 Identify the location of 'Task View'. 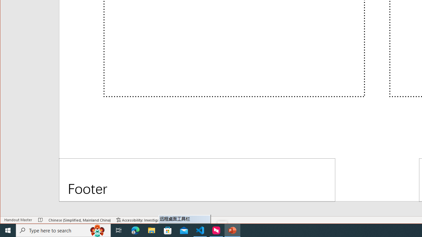
(118, 230).